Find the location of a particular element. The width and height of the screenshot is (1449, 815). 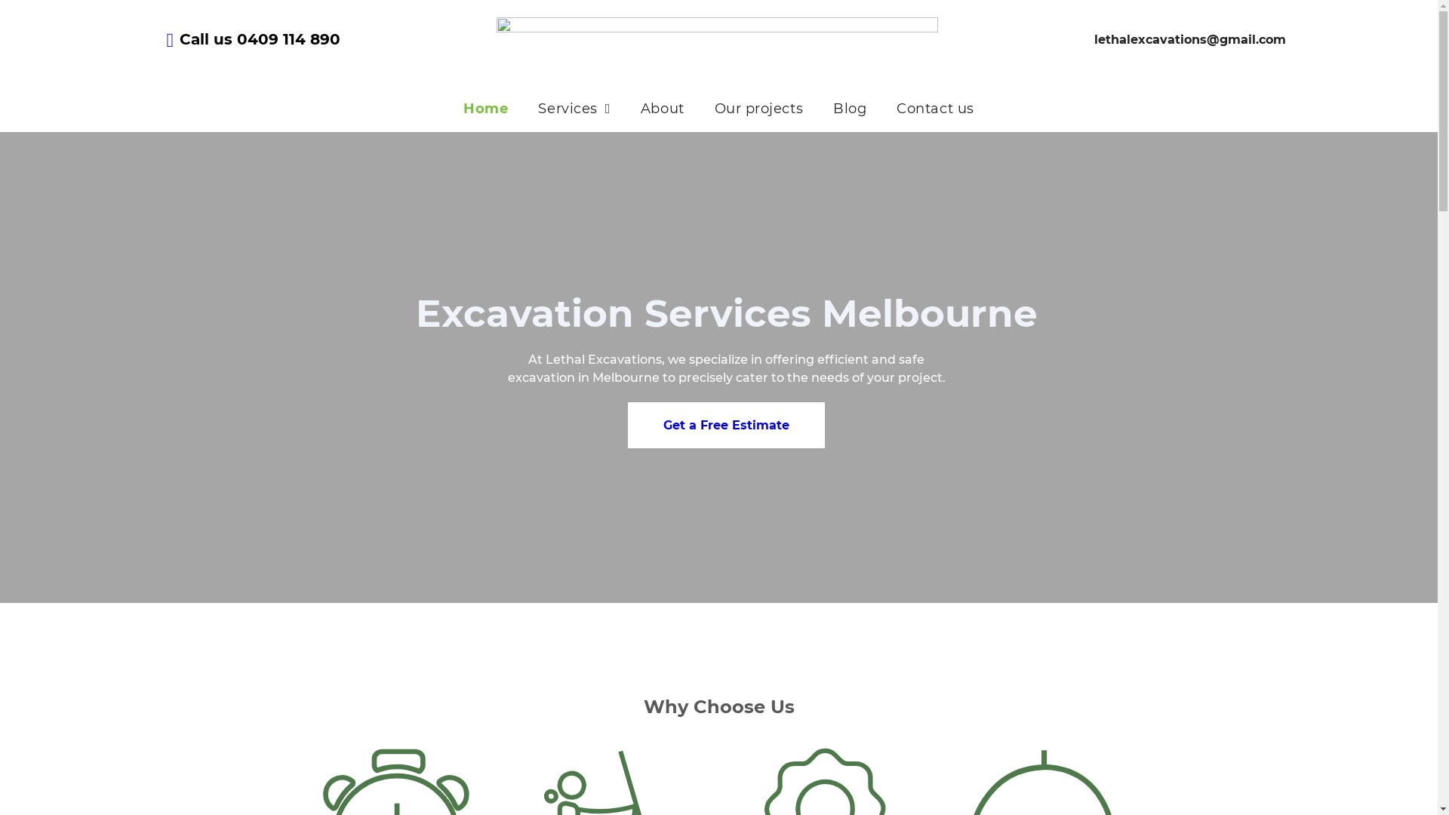

'xcavation Services Melbourne' is located at coordinates (440, 312).